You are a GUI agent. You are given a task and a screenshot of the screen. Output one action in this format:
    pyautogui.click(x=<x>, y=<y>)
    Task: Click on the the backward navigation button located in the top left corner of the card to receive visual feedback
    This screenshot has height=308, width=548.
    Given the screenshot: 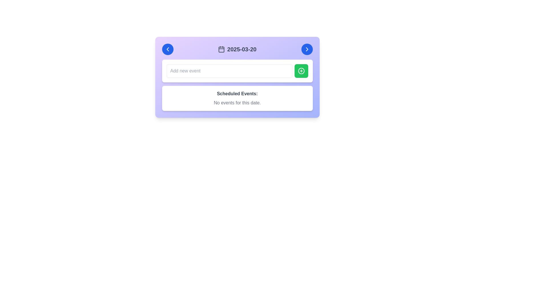 What is the action you would take?
    pyautogui.click(x=167, y=49)
    